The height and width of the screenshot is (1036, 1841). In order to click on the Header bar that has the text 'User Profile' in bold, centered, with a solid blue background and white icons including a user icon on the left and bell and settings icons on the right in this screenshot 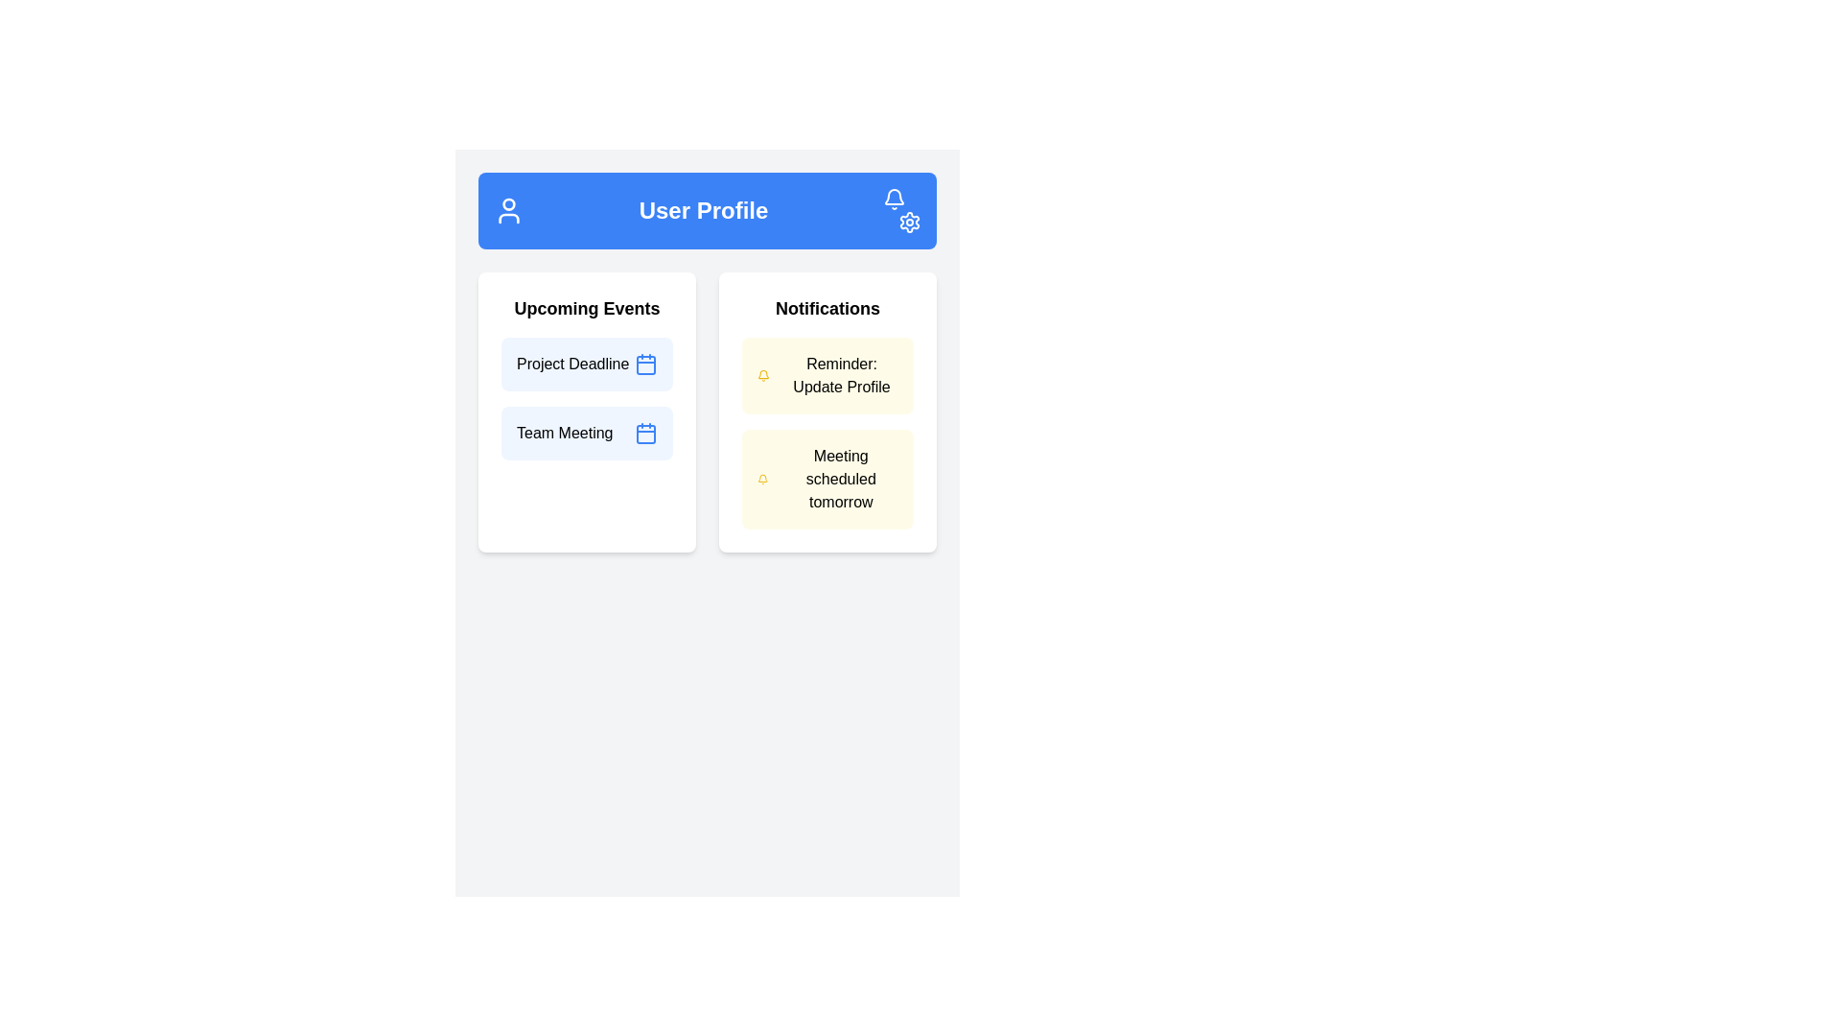, I will do `click(707, 210)`.